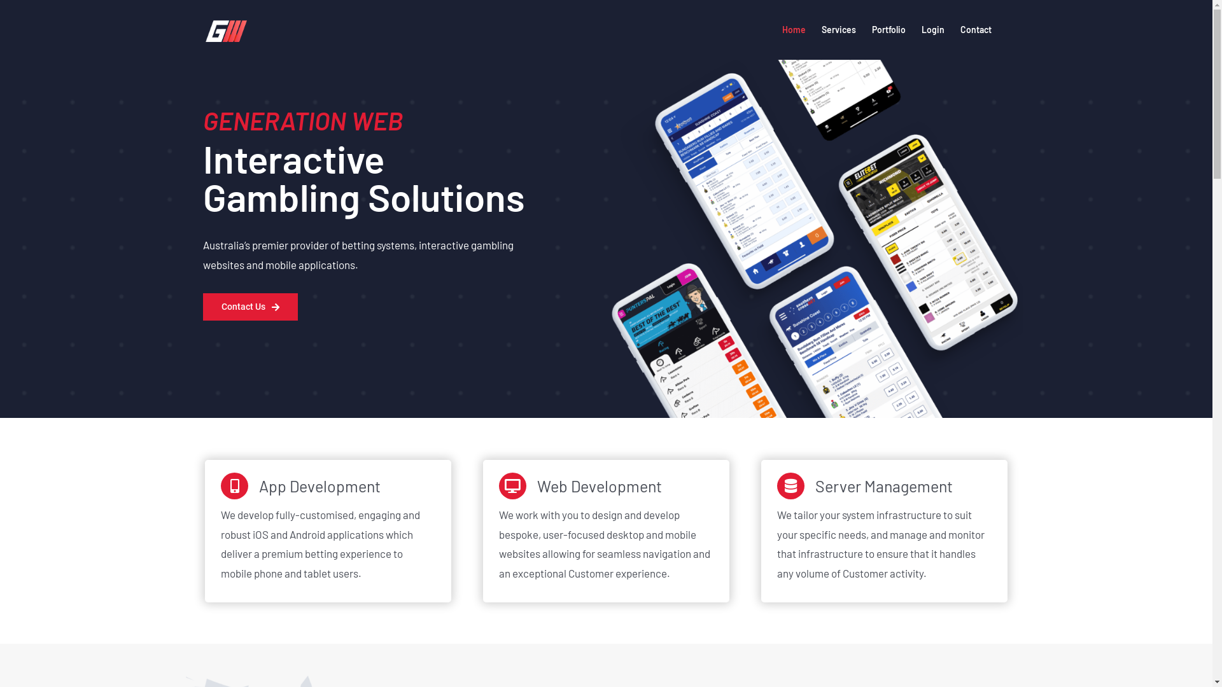  What do you see at coordinates (838, 29) in the screenshot?
I see `'Services'` at bounding box center [838, 29].